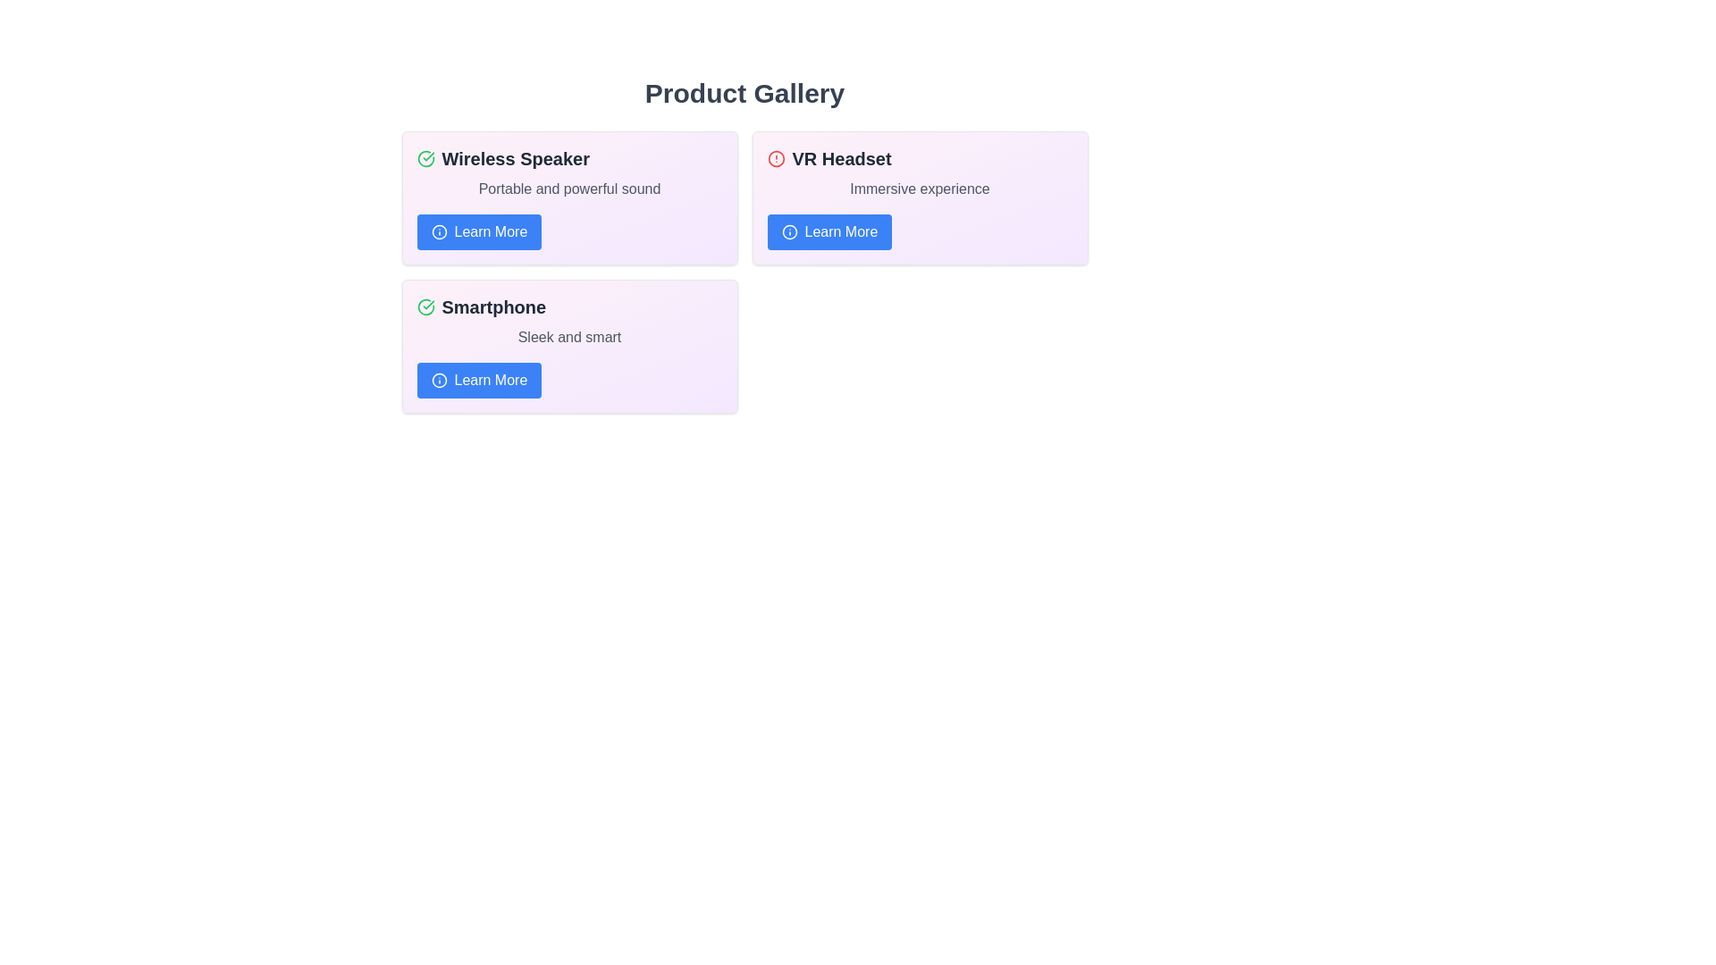  Describe the element at coordinates (479, 379) in the screenshot. I see `the 'Learn More' button for the Smartphone product` at that location.